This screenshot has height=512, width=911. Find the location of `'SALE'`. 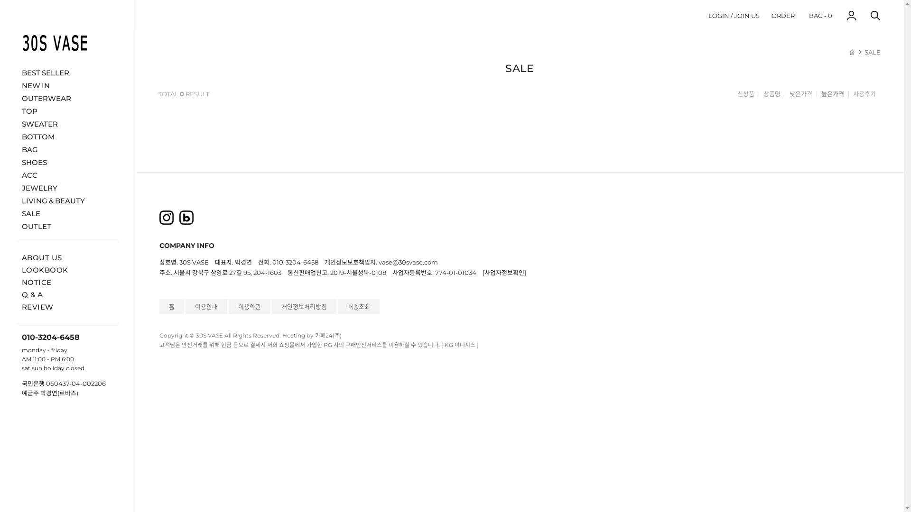

'SALE' is located at coordinates (67, 212).